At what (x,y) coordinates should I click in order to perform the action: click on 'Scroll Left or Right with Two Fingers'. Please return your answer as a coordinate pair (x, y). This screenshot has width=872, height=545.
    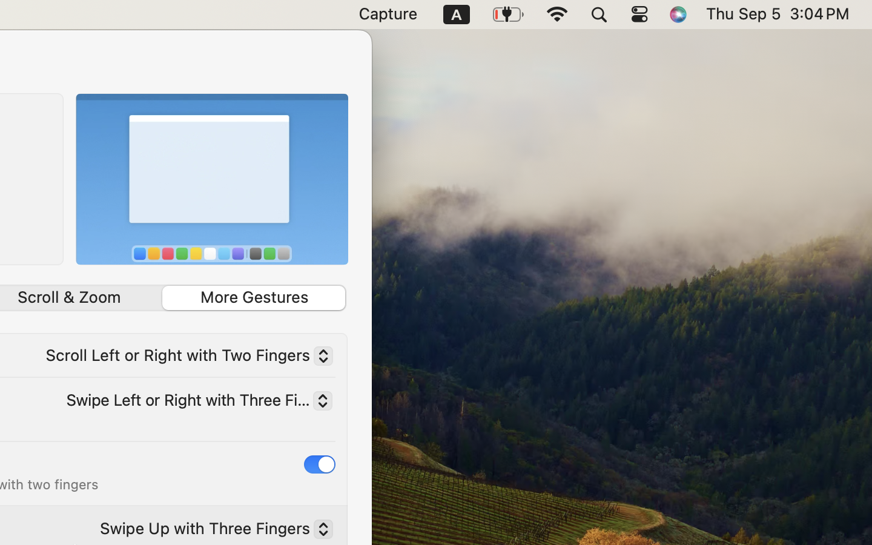
    Looking at the image, I should click on (183, 358).